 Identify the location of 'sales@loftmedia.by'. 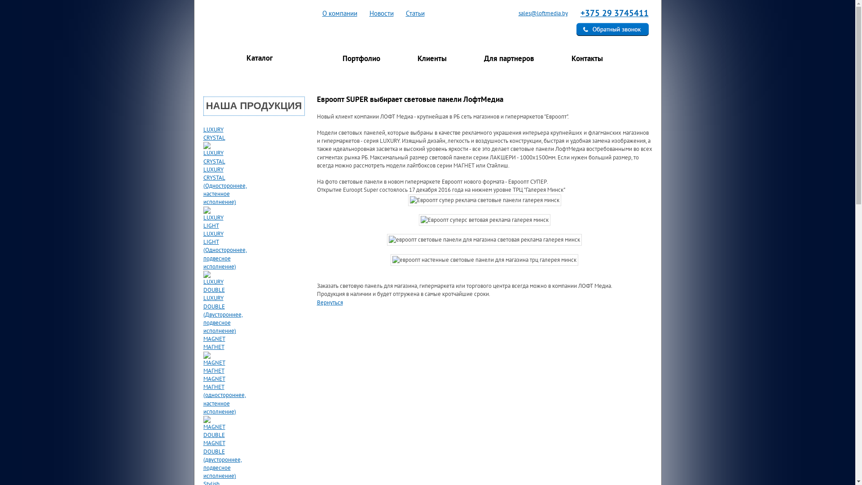
(538, 13).